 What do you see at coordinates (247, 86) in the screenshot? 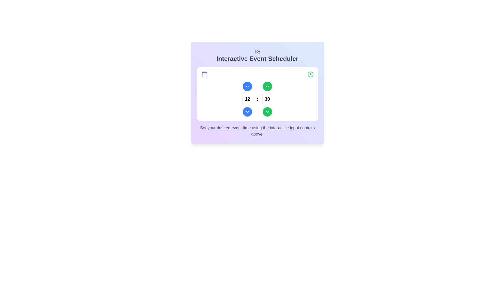
I see `the upward-pointing button used to increase the hour value in the adjacent '12' time field for accessibility navigation` at bounding box center [247, 86].